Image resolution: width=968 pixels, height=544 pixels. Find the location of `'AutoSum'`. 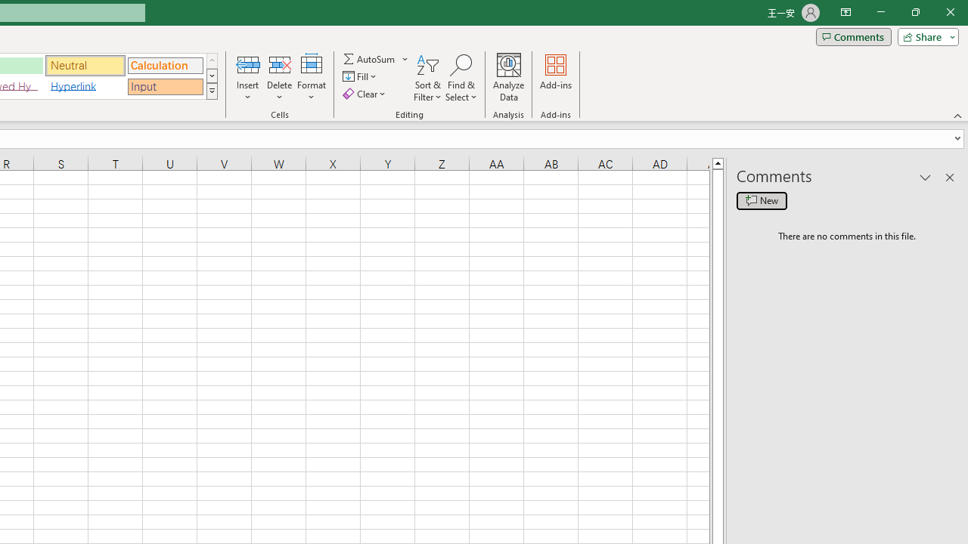

'AutoSum' is located at coordinates (376, 58).